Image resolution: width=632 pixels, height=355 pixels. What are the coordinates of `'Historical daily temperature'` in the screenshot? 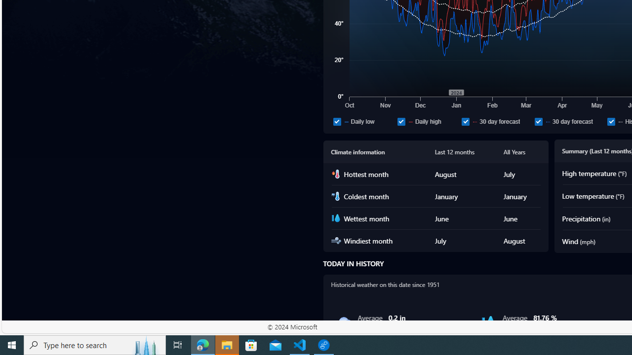 It's located at (611, 121).